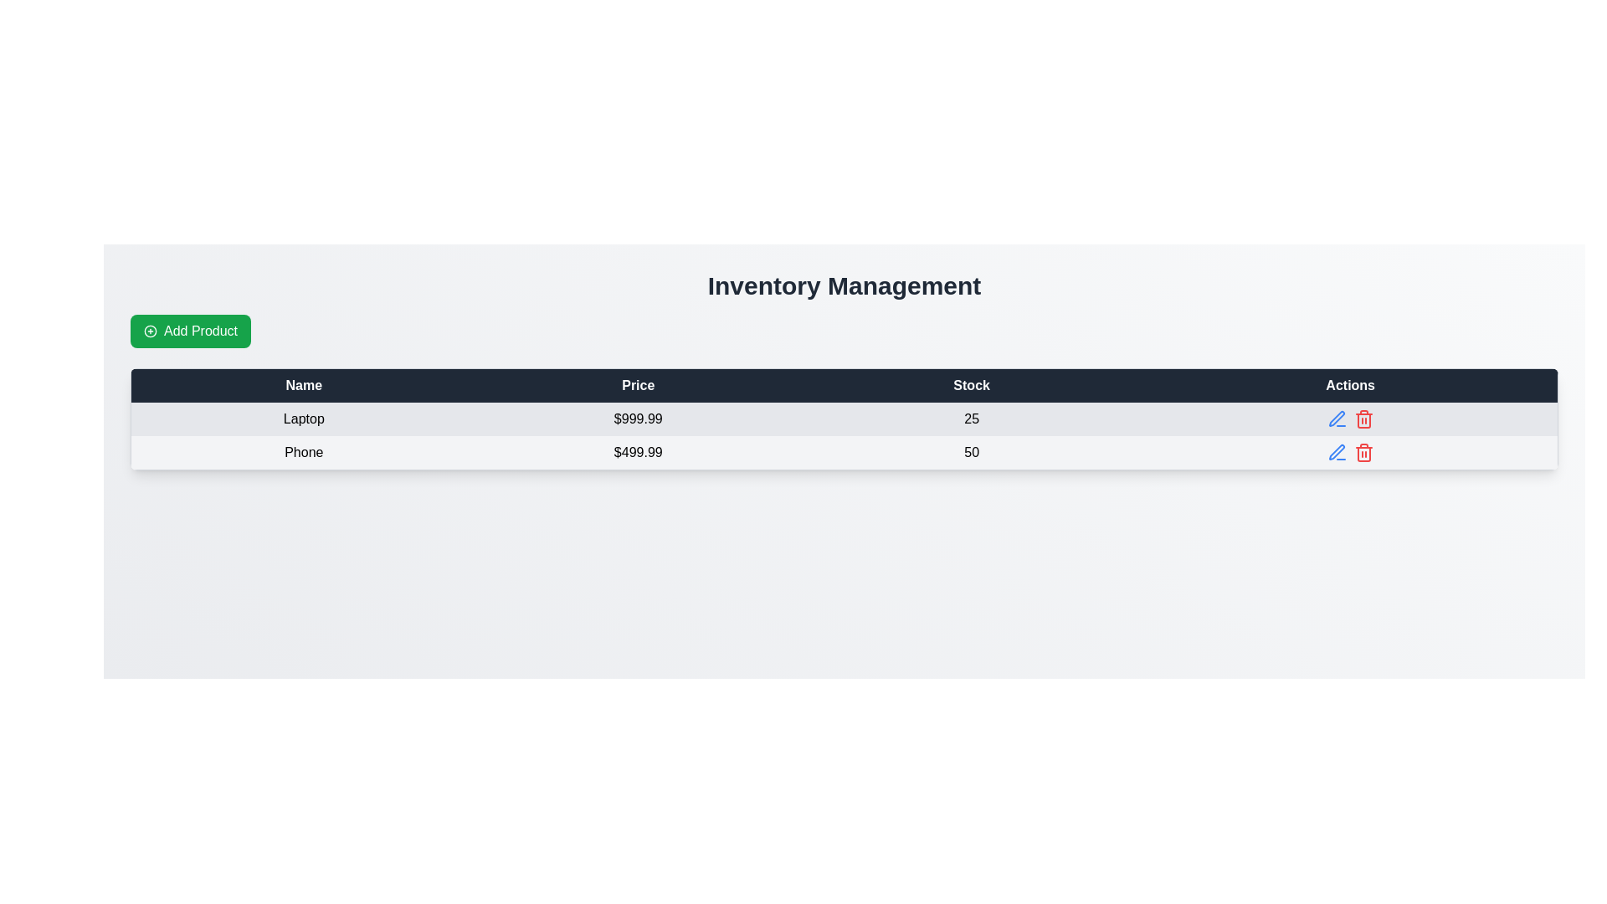  What do you see at coordinates (1350, 385) in the screenshot?
I see `the header cell for the 'Actions' column in the table, located on the far-right side of the header row` at bounding box center [1350, 385].